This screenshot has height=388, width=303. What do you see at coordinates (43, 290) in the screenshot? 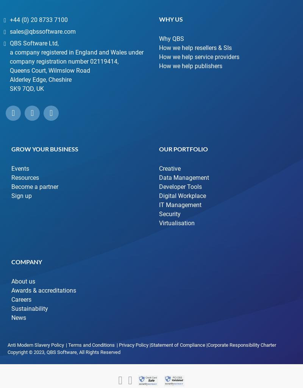
I see `'Awards & accreditations'` at bounding box center [43, 290].